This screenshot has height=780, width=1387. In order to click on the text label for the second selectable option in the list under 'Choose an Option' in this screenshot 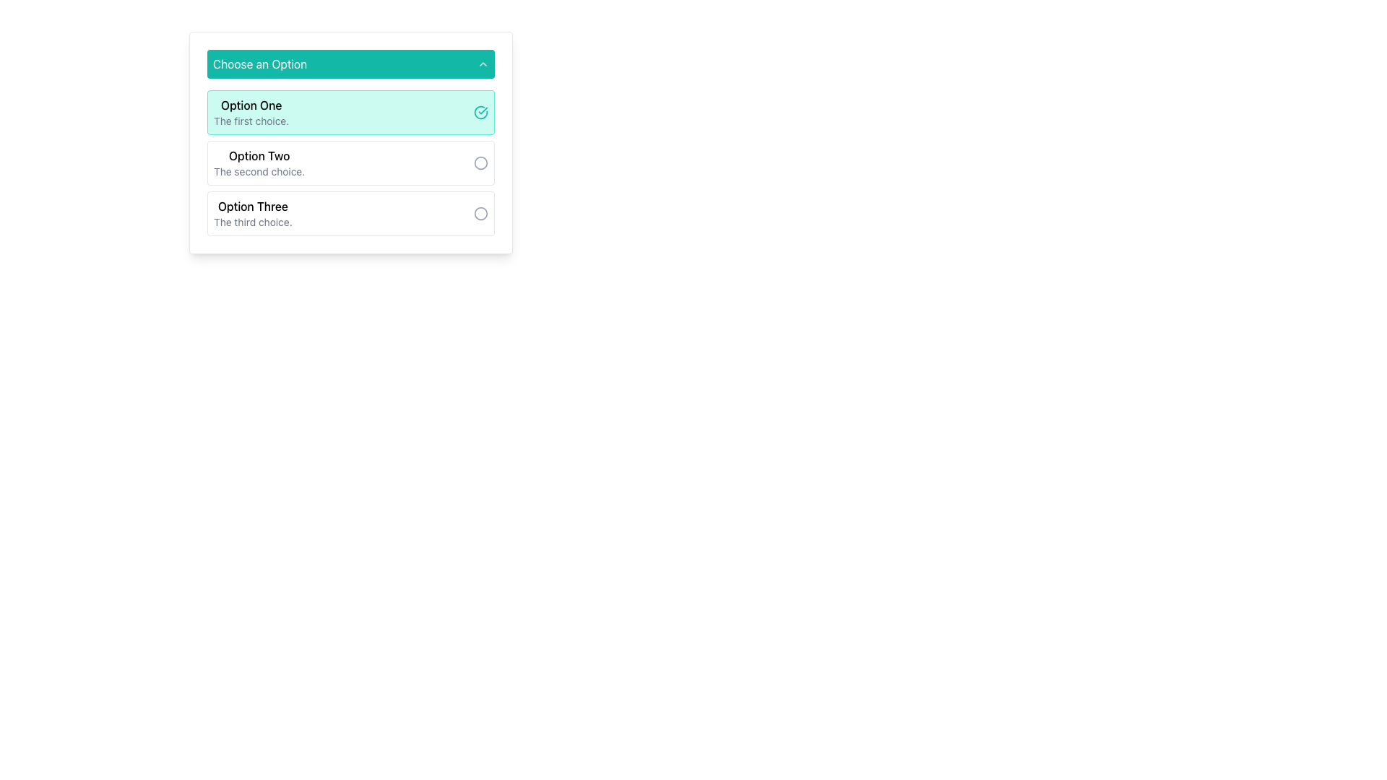, I will do `click(259, 156)`.